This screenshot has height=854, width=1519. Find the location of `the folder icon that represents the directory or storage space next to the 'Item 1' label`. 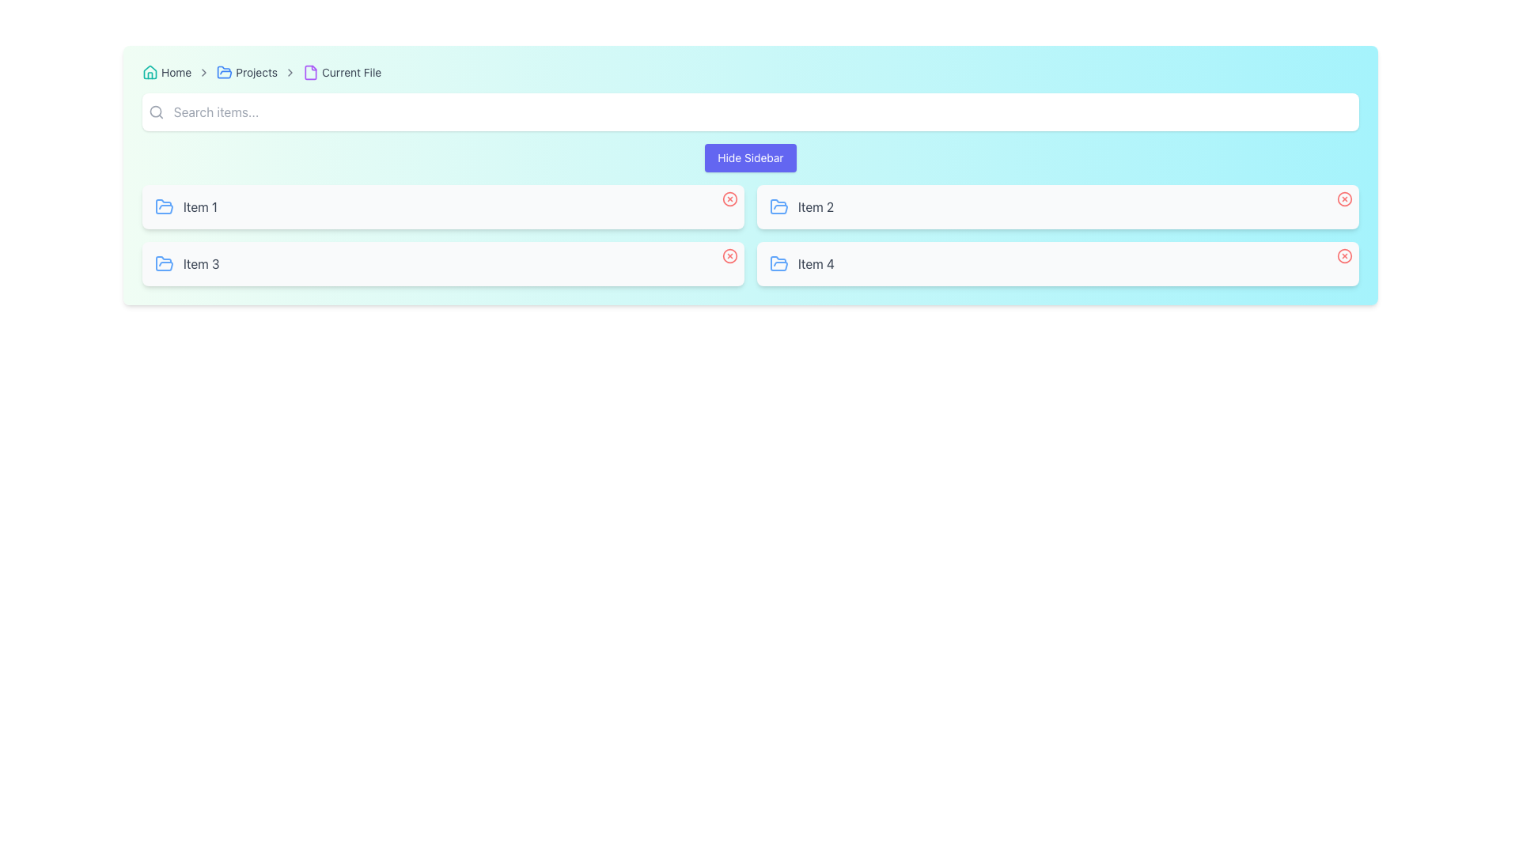

the folder icon that represents the directory or storage space next to the 'Item 1' label is located at coordinates (164, 206).